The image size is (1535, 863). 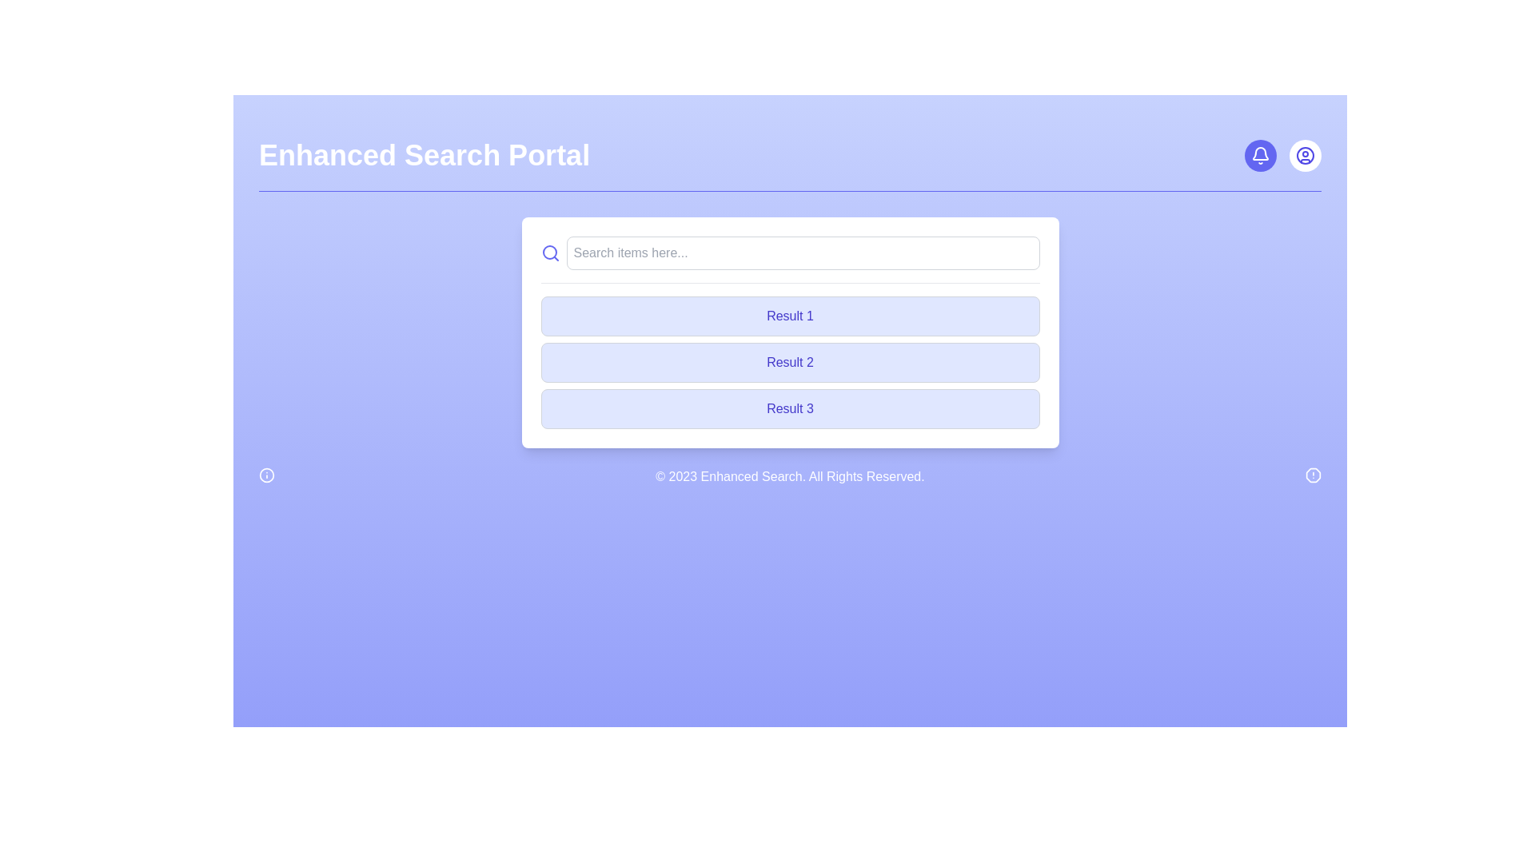 I want to click on the bell-shaped icon within the dark indigo circular button located at the top-right corner of the interface, so click(x=1260, y=156).